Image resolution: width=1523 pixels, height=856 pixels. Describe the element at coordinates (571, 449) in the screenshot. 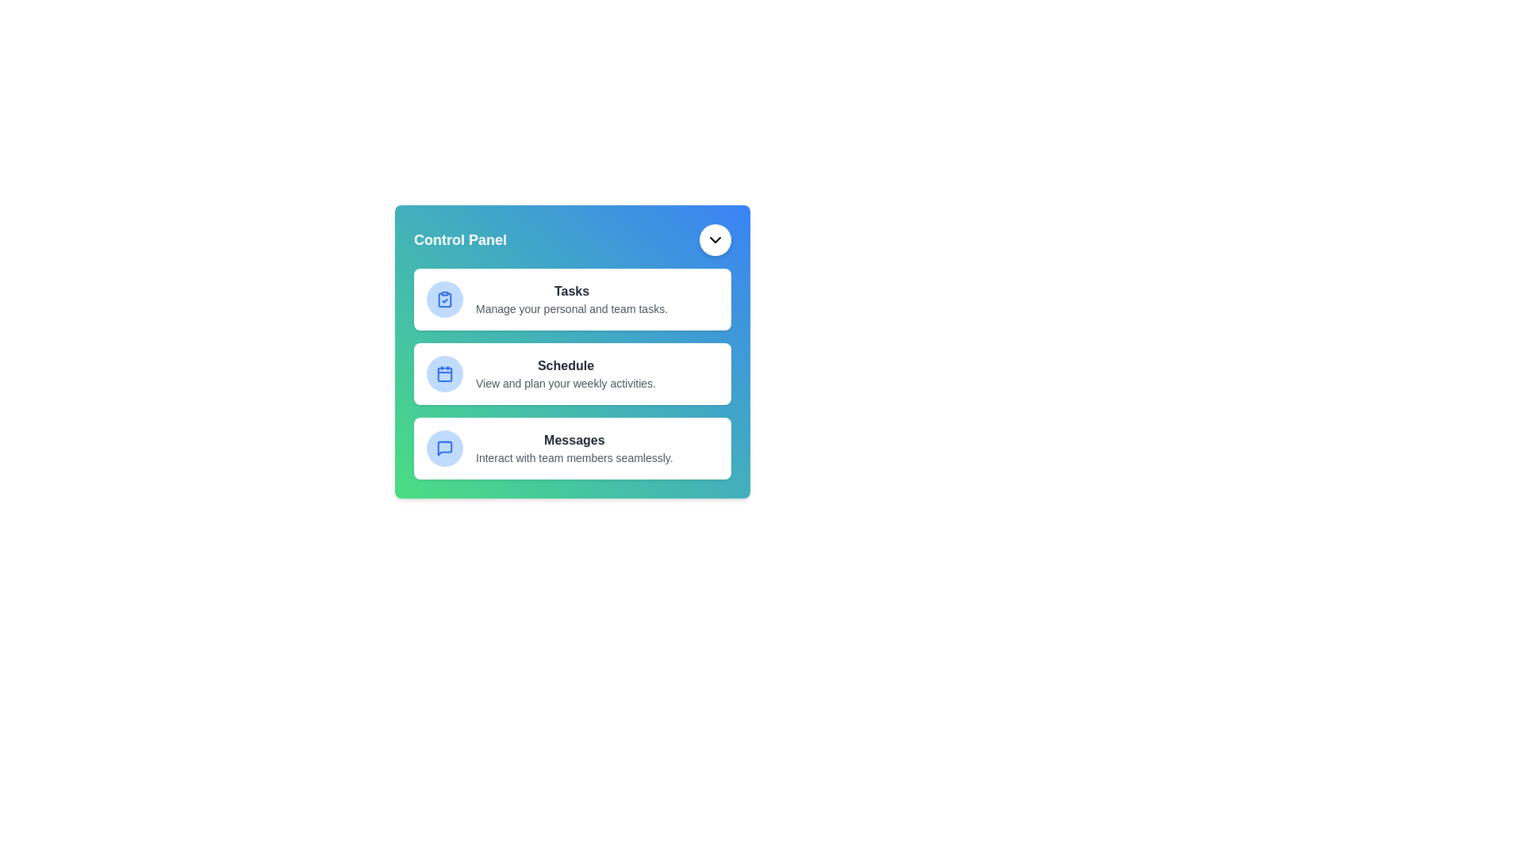

I see `the 'Messages' menu item in the AdvancedDashboardMenu` at that location.